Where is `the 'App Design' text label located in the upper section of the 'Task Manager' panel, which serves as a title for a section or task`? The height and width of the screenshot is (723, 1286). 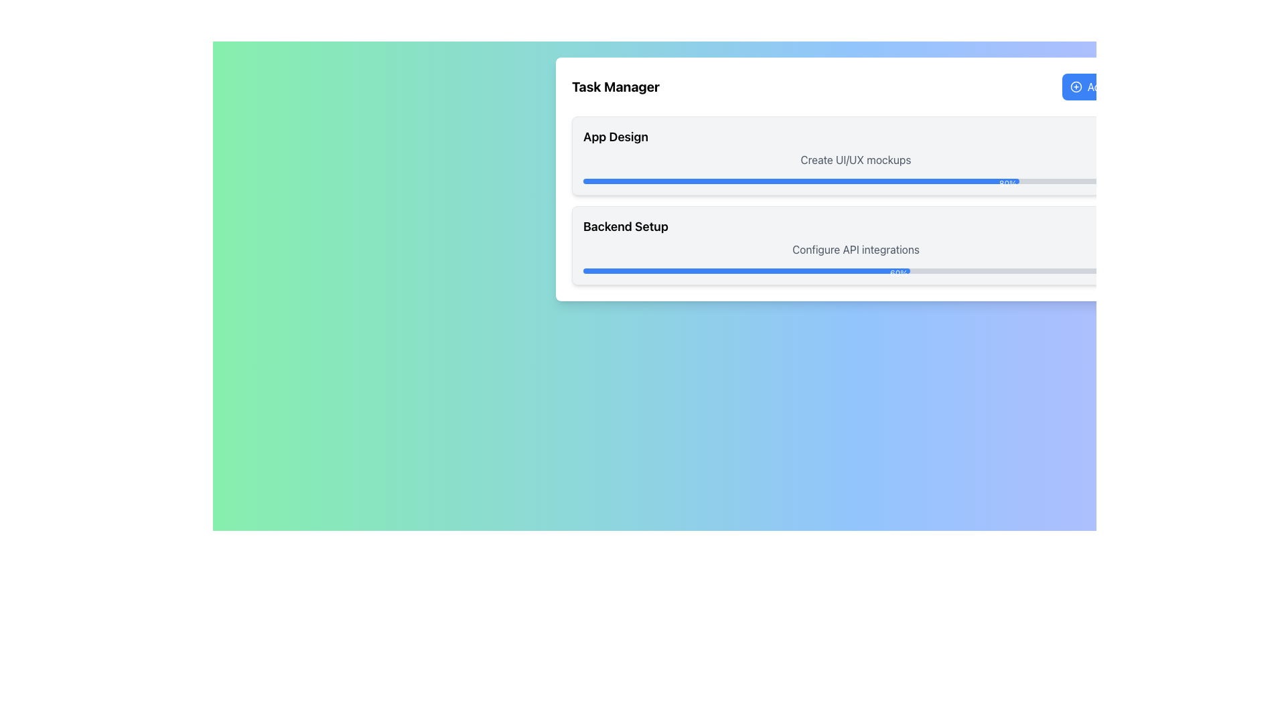
the 'App Design' text label located in the upper section of the 'Task Manager' panel, which serves as a title for a section or task is located at coordinates (615, 137).